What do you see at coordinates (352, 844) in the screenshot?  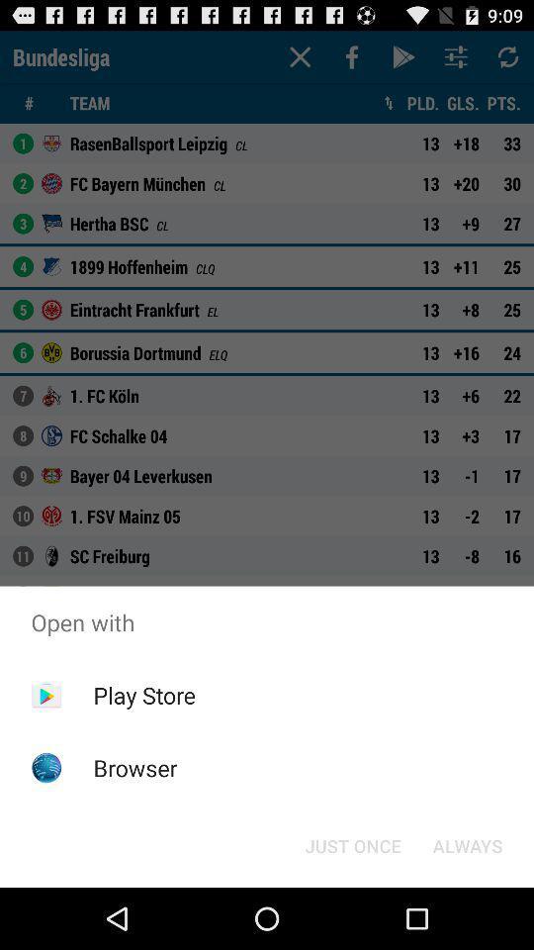 I see `icon to the left of the always icon` at bounding box center [352, 844].